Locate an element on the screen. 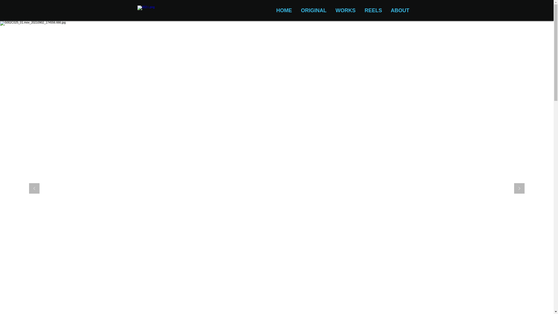 The height and width of the screenshot is (314, 558). 'WORKS' is located at coordinates (345, 10).